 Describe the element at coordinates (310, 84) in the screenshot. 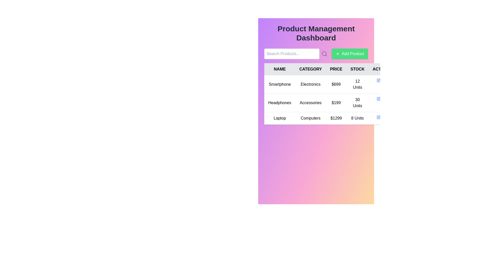

I see `the 'Electronics' text label, which is center-aligned and located in the second column of the first row in a table layout` at that location.